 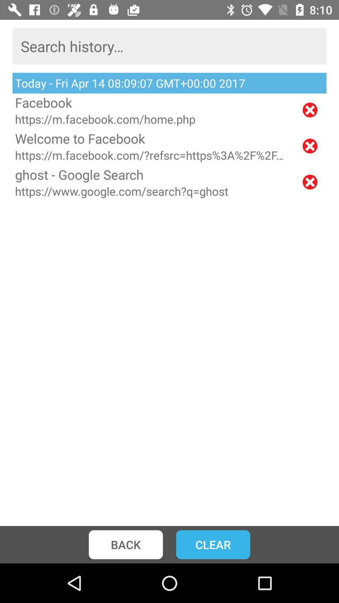 I want to click on the back, so click(x=126, y=544).